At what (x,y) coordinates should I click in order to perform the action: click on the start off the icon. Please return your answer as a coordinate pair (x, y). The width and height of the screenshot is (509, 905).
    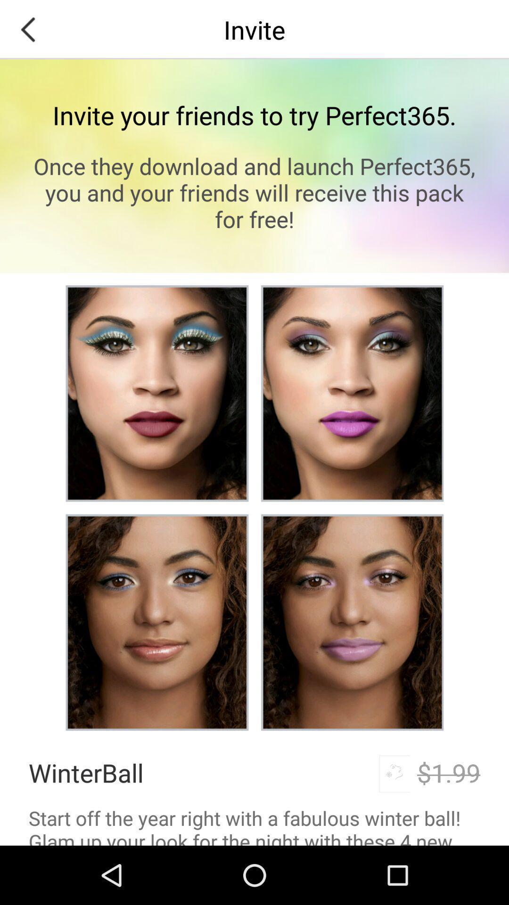
    Looking at the image, I should click on (254, 824).